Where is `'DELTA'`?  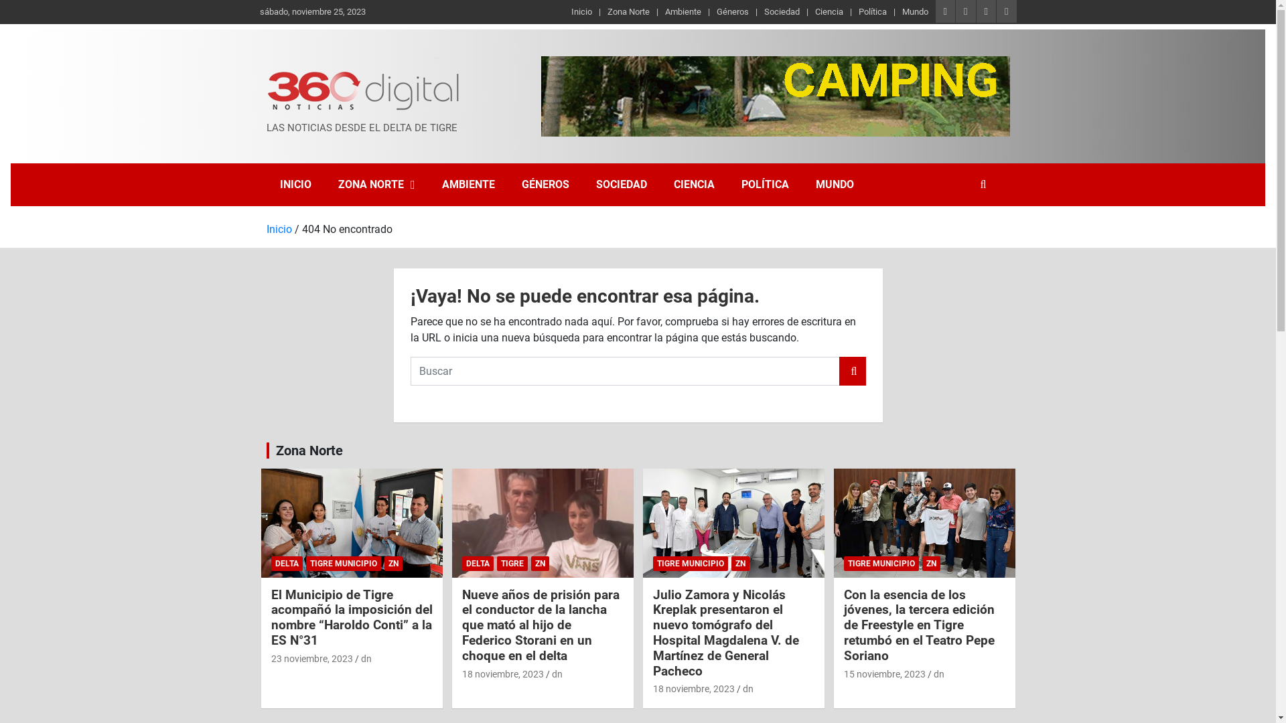
'DELTA' is located at coordinates (478, 563).